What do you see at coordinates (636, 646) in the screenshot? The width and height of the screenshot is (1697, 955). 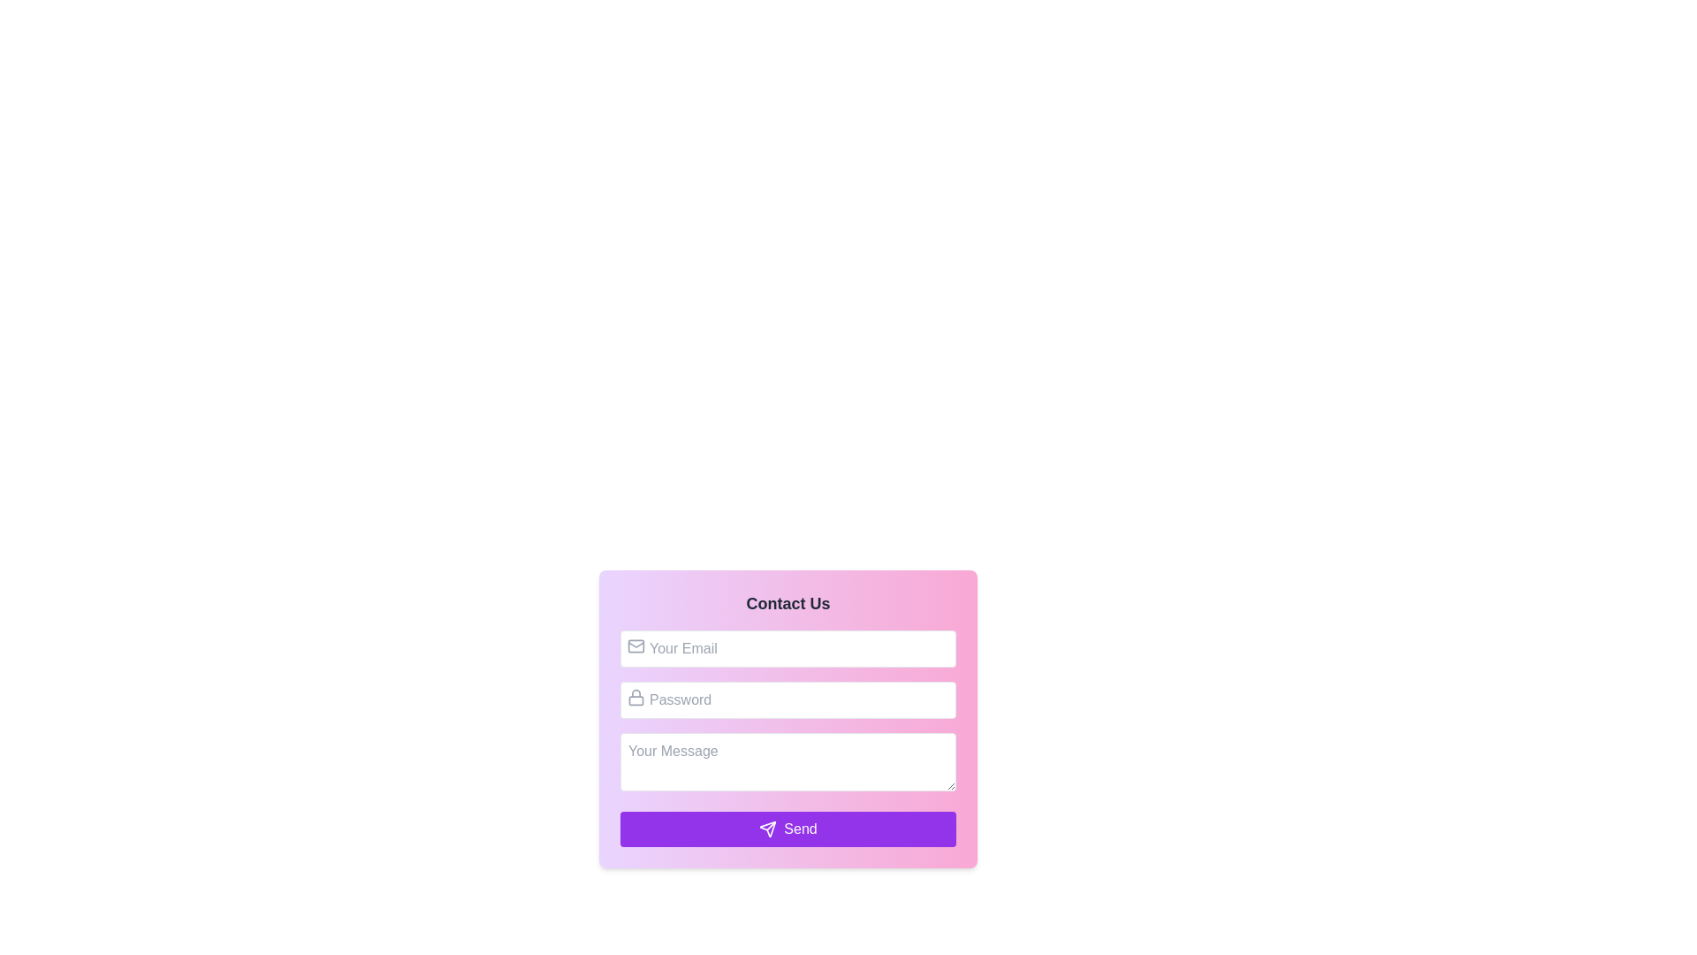 I see `the decorative SVG rectangle that visually indicates the email field in the 'Contact Us' form` at bounding box center [636, 646].